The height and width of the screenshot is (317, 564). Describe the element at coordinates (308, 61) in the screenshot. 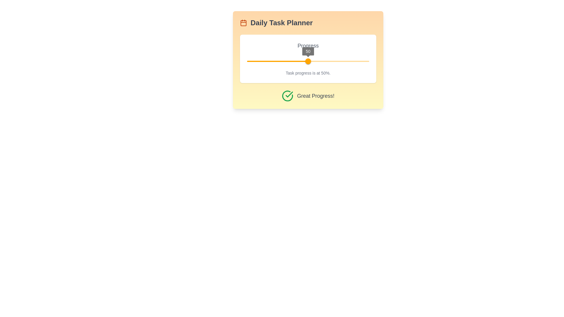

I see `the track of the Slider component to move the thumb to a specific position, currently displaying a value of '50'` at that location.